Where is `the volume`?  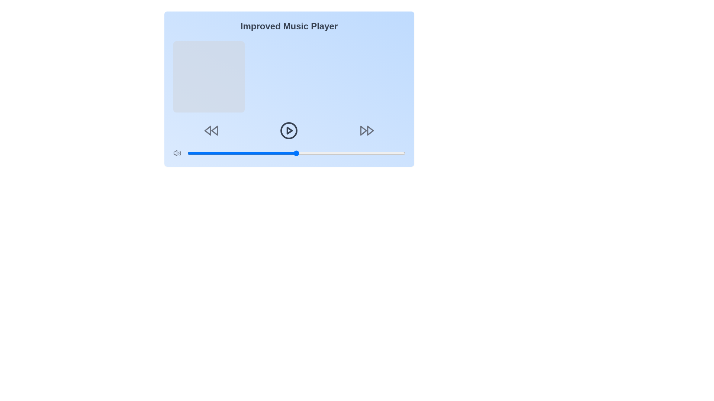 the volume is located at coordinates (337, 153).